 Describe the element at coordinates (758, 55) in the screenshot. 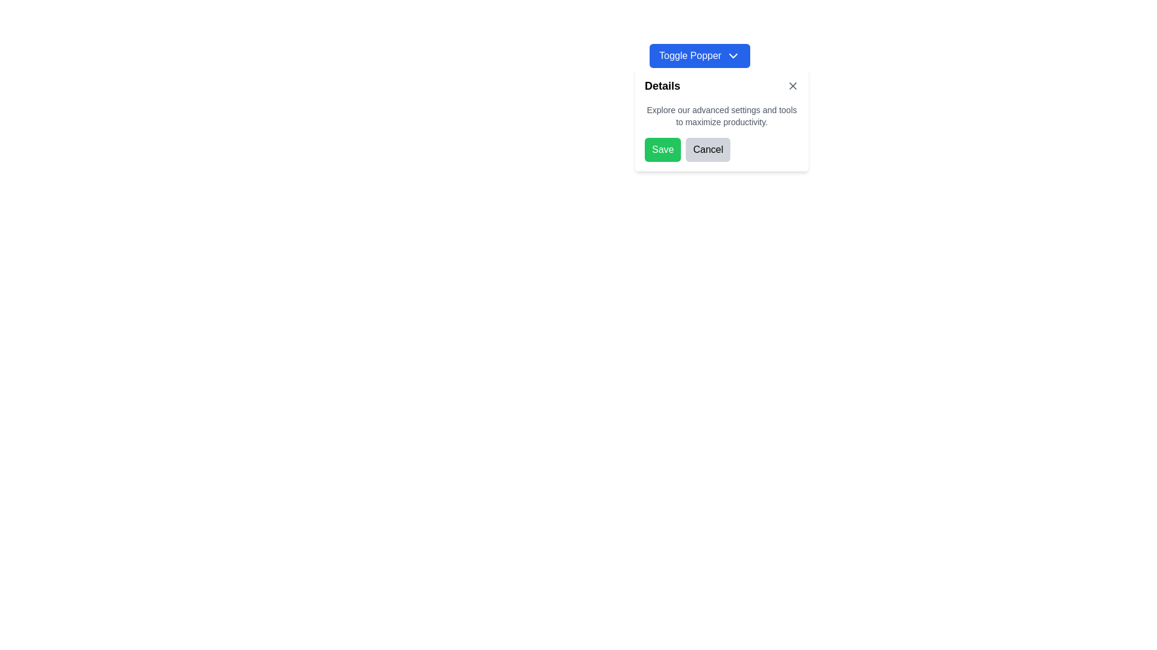

I see `the 'Toggle Popper' toggle button with dropdown` at that location.